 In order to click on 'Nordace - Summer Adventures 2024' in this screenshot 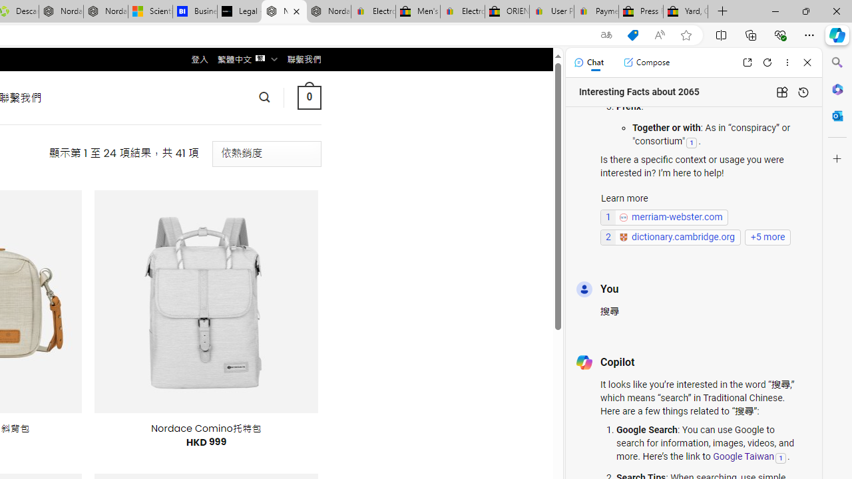, I will do `click(61, 11)`.